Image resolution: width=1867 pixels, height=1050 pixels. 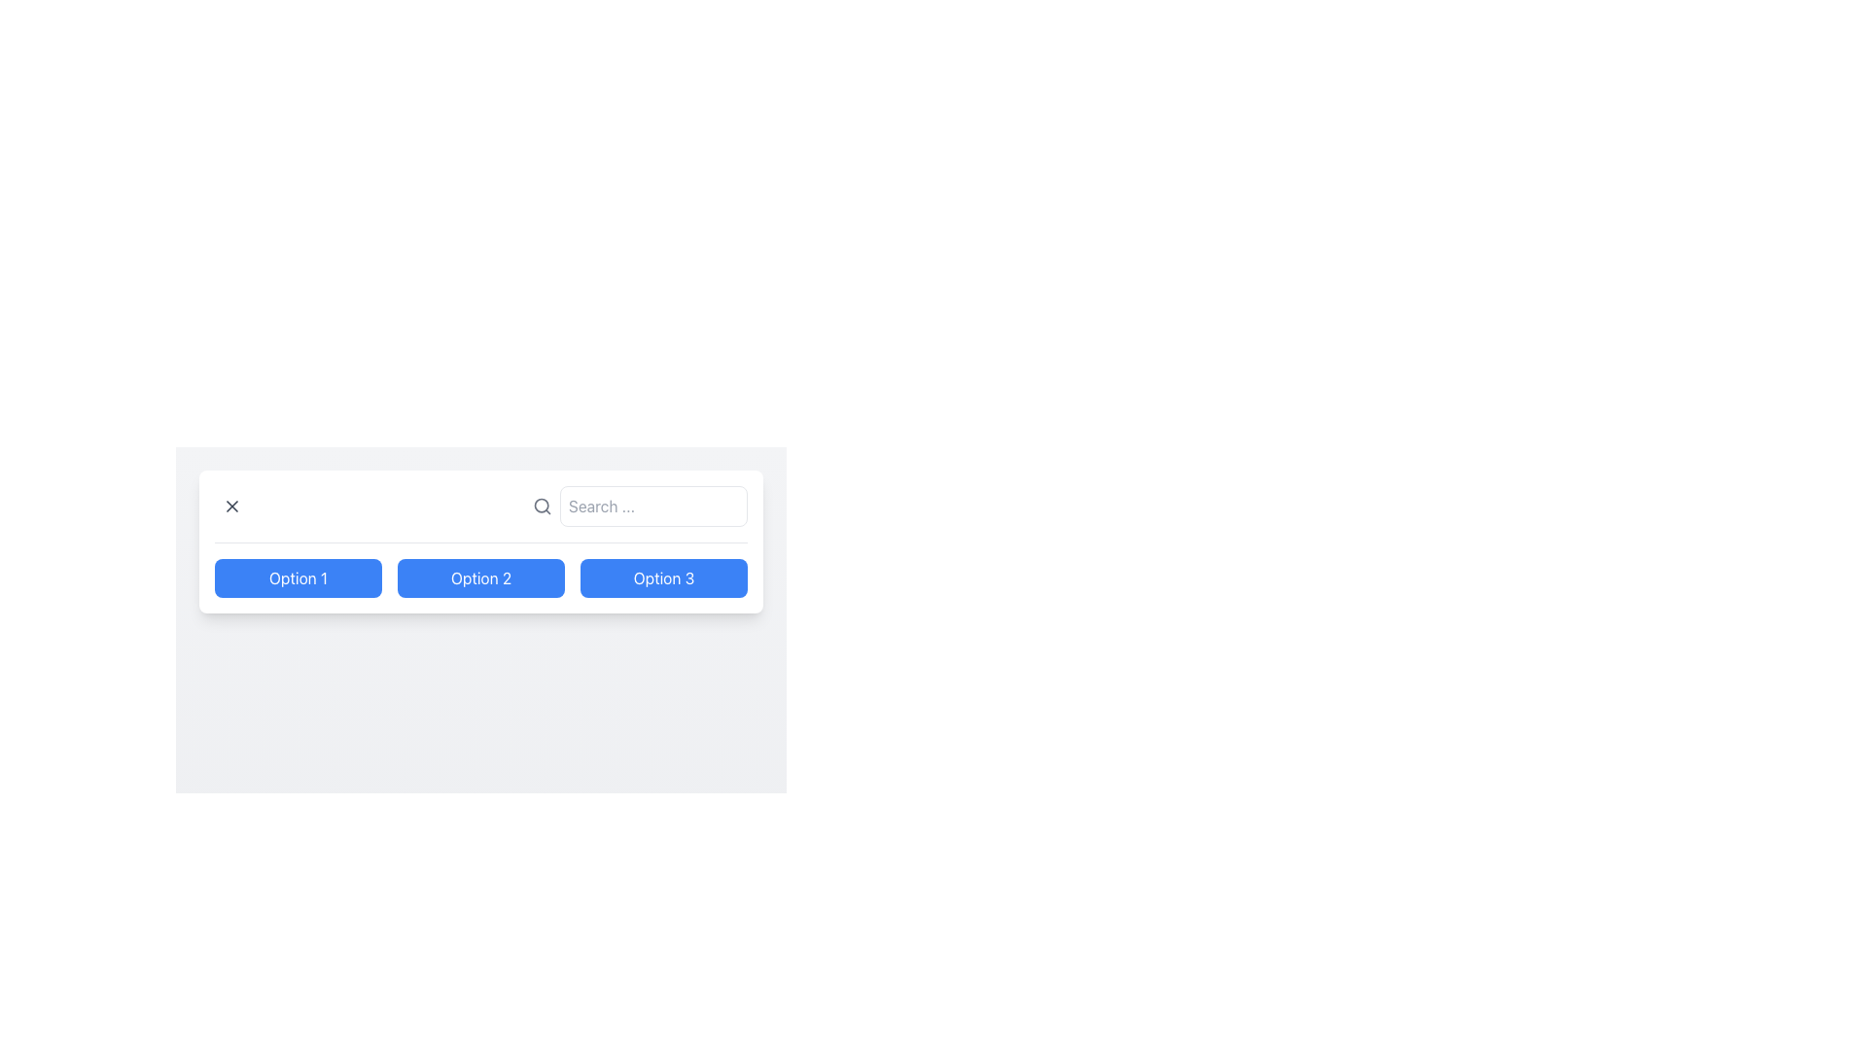 What do you see at coordinates (663, 577) in the screenshot?
I see `the button labeled 'Option 3' which has a light blue background and white text, positioned as the last button in a row of three similar buttons` at bounding box center [663, 577].